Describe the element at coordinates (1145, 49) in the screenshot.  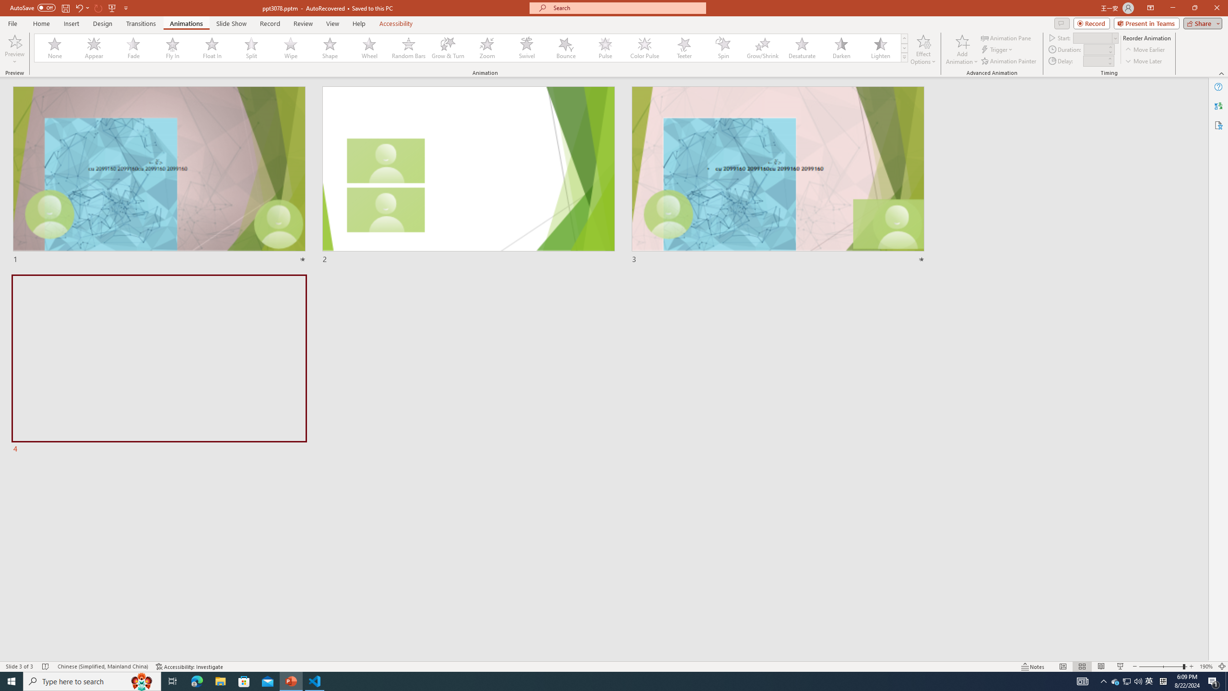
I see `'Move Earlier'` at that location.